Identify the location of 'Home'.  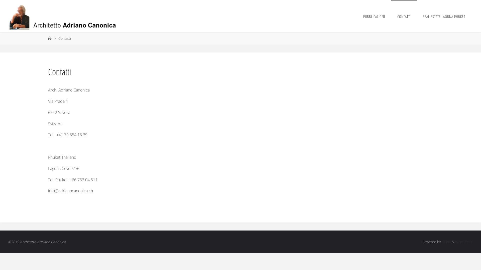
(50, 38).